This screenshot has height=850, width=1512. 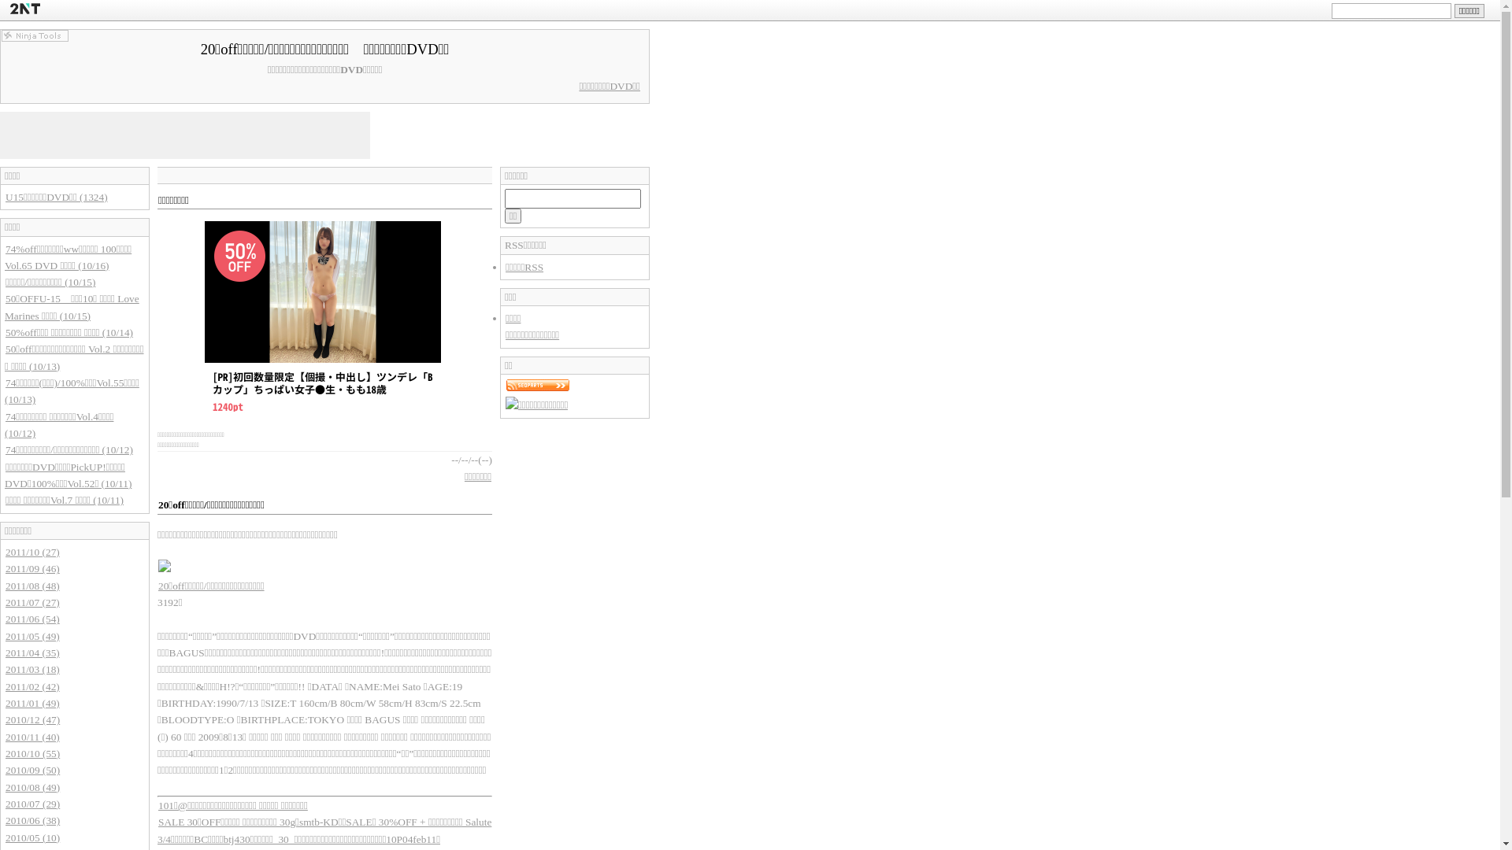 What do you see at coordinates (32, 769) in the screenshot?
I see `'2010/09 (50)'` at bounding box center [32, 769].